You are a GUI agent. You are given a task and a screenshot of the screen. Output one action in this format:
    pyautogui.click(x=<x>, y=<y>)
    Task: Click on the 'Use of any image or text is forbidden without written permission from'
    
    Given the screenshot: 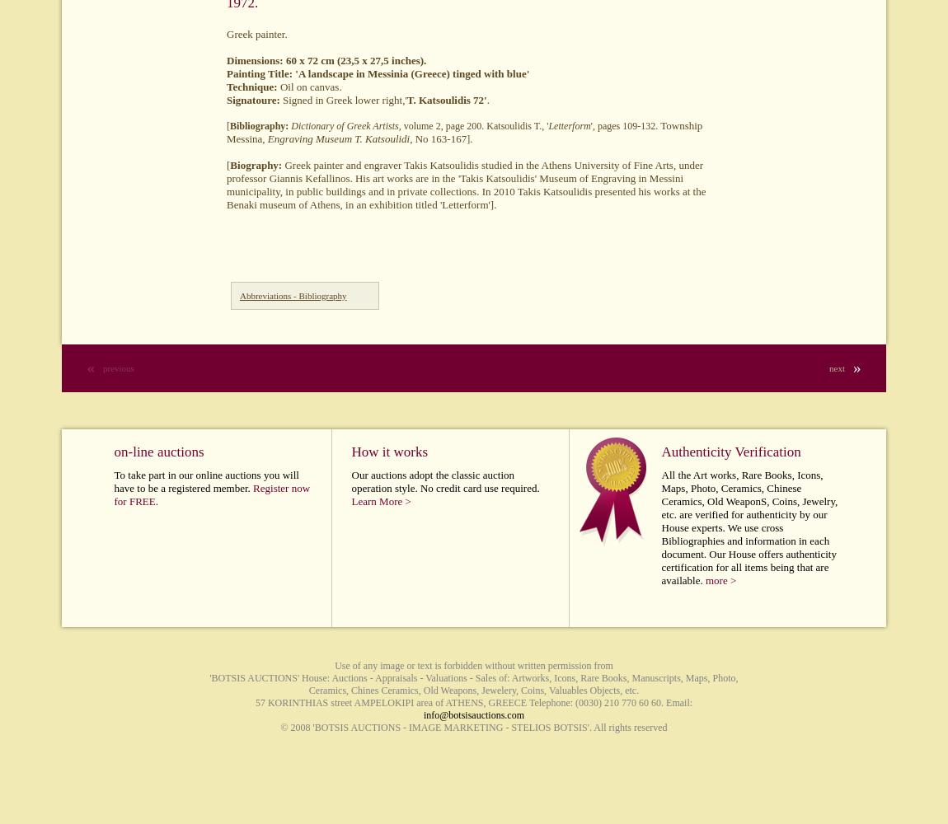 What is the action you would take?
    pyautogui.click(x=473, y=666)
    